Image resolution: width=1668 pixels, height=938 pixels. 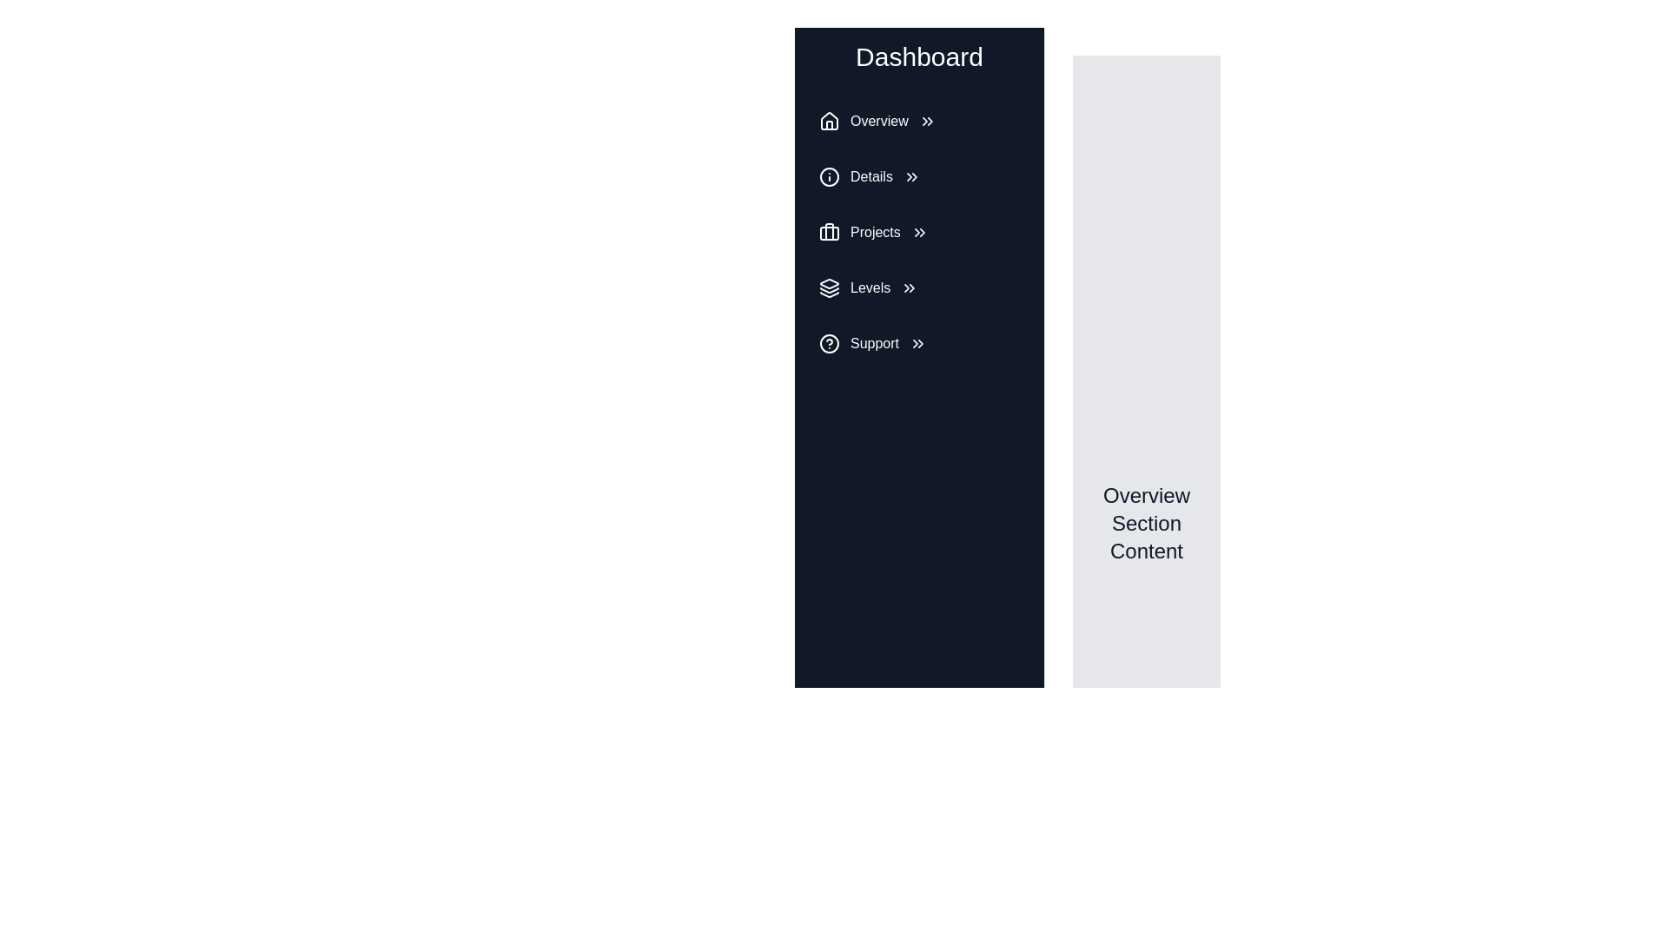 I want to click on the indicator icon located under the 'Dashboard' header in the left navigation menu, which is positioned to the rightmost side of the 'Overview' list item, to interact or expand the associated content, so click(x=926, y=120).